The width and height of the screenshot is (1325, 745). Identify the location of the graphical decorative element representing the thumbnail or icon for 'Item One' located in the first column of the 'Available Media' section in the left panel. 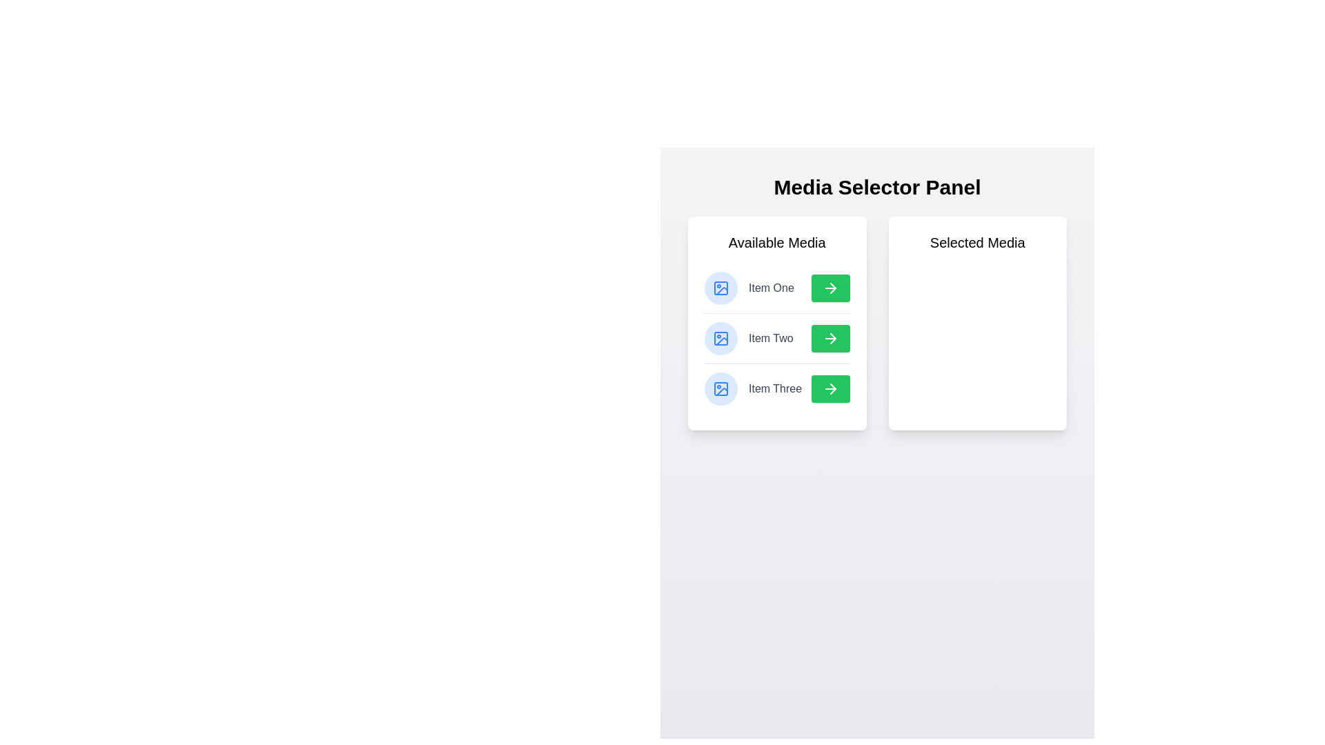
(720, 388).